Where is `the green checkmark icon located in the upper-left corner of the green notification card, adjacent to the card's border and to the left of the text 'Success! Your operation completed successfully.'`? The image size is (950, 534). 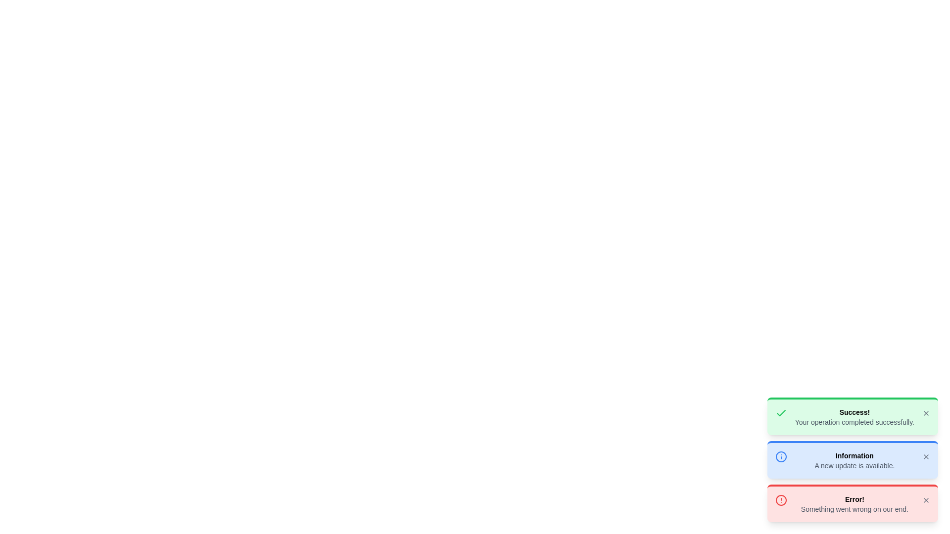
the green checkmark icon located in the upper-left corner of the green notification card, adjacent to the card's border and to the left of the text 'Success! Your operation completed successfully.' is located at coordinates (780, 413).